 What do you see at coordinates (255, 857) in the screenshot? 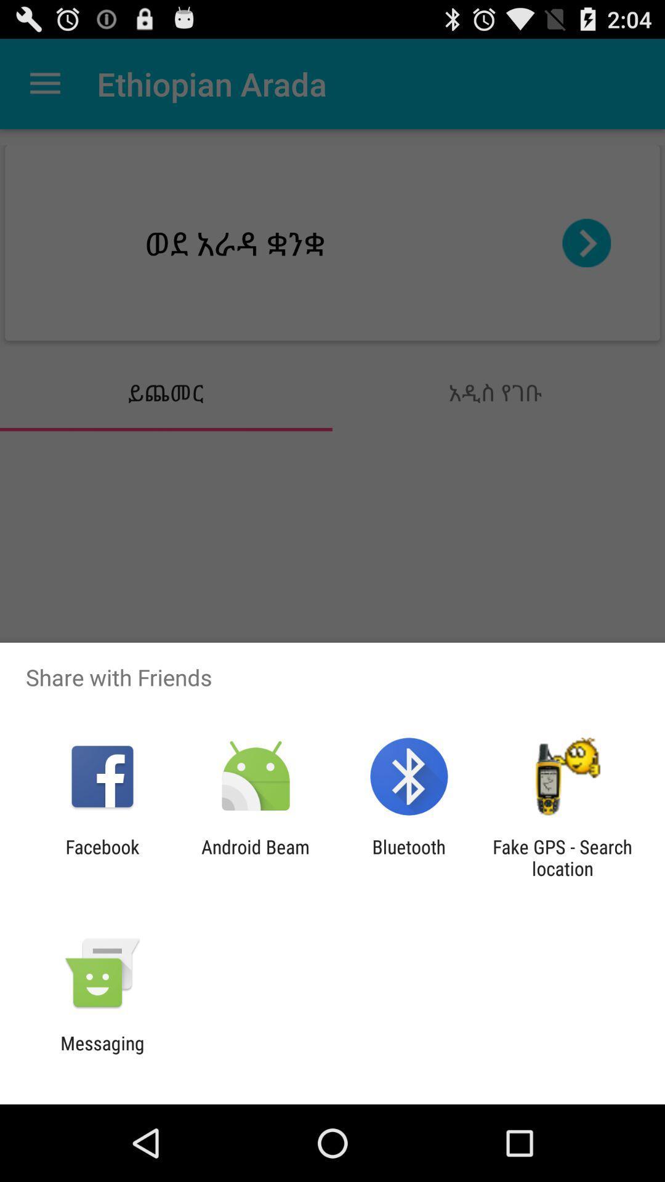
I see `icon to the left of bluetooth app` at bounding box center [255, 857].